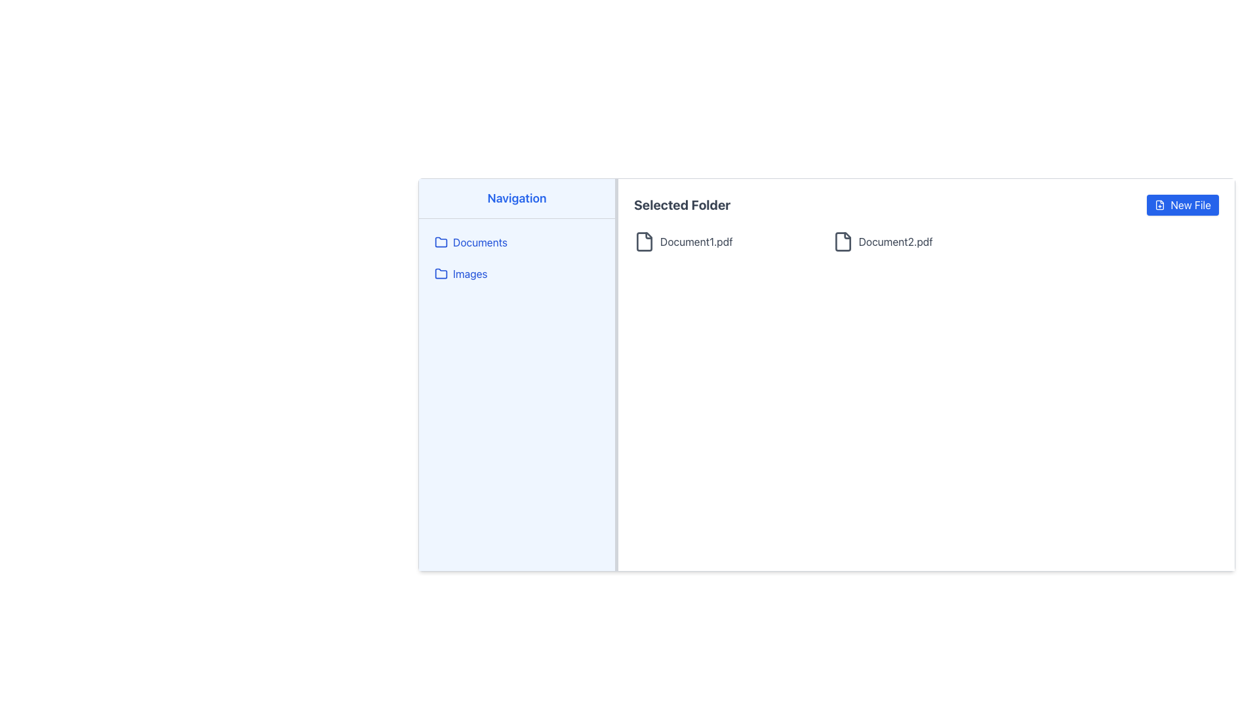 The height and width of the screenshot is (708, 1259). What do you see at coordinates (470, 273) in the screenshot?
I see `the 'Images' text label in the navigation menu` at bounding box center [470, 273].